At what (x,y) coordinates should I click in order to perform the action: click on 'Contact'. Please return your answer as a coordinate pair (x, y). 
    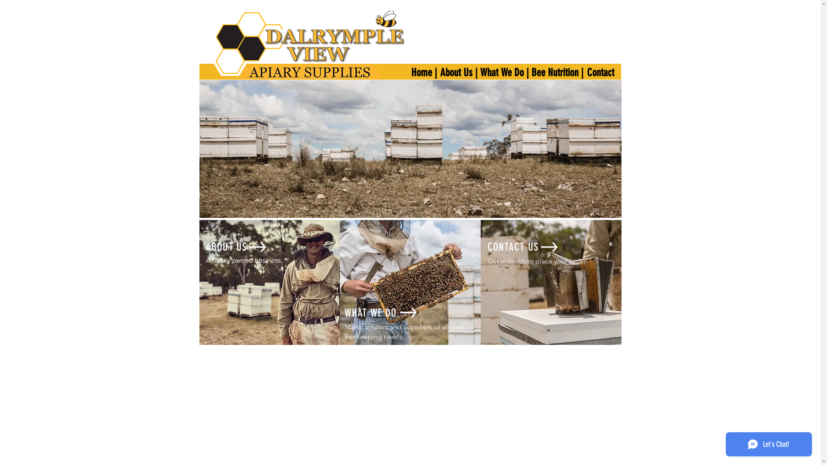
    Looking at the image, I should click on (600, 72).